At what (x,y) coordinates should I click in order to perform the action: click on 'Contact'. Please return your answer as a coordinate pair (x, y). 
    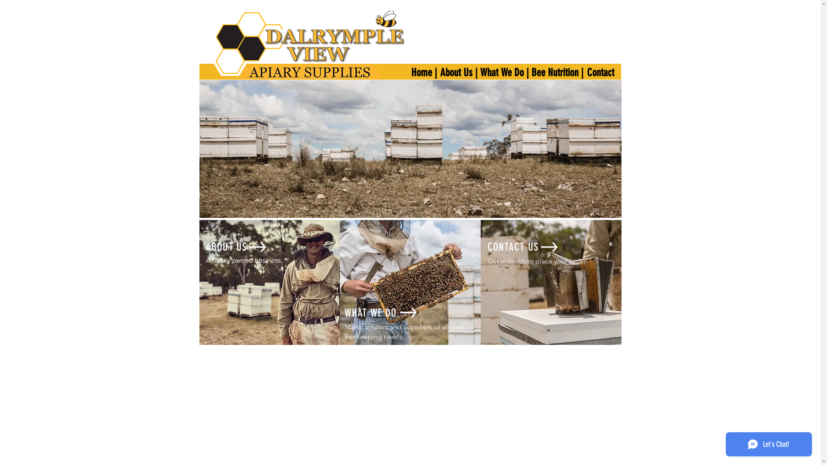
    Looking at the image, I should click on (600, 72).